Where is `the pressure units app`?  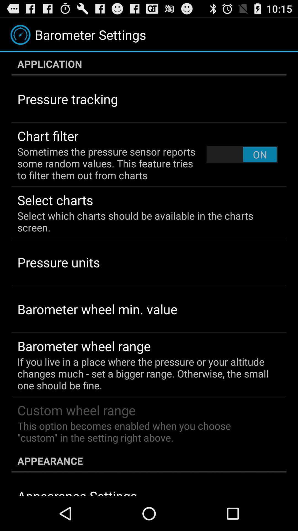 the pressure units app is located at coordinates (58, 262).